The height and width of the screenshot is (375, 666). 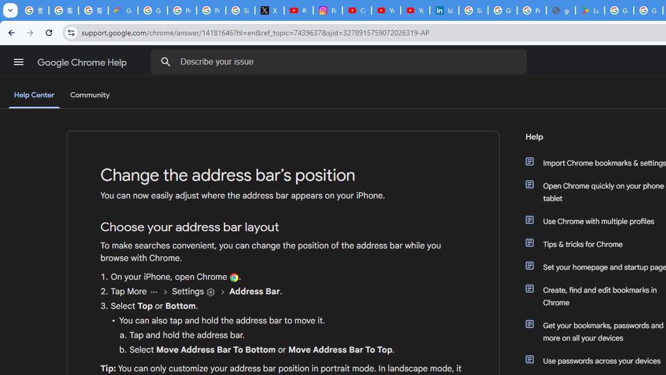 What do you see at coordinates (210, 10) in the screenshot?
I see `'Privacy Help Center - Policies Help'` at bounding box center [210, 10].